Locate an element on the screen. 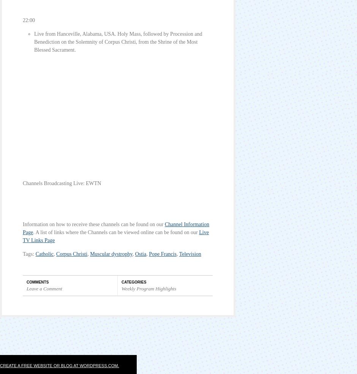  'Ostia' is located at coordinates (140, 254).